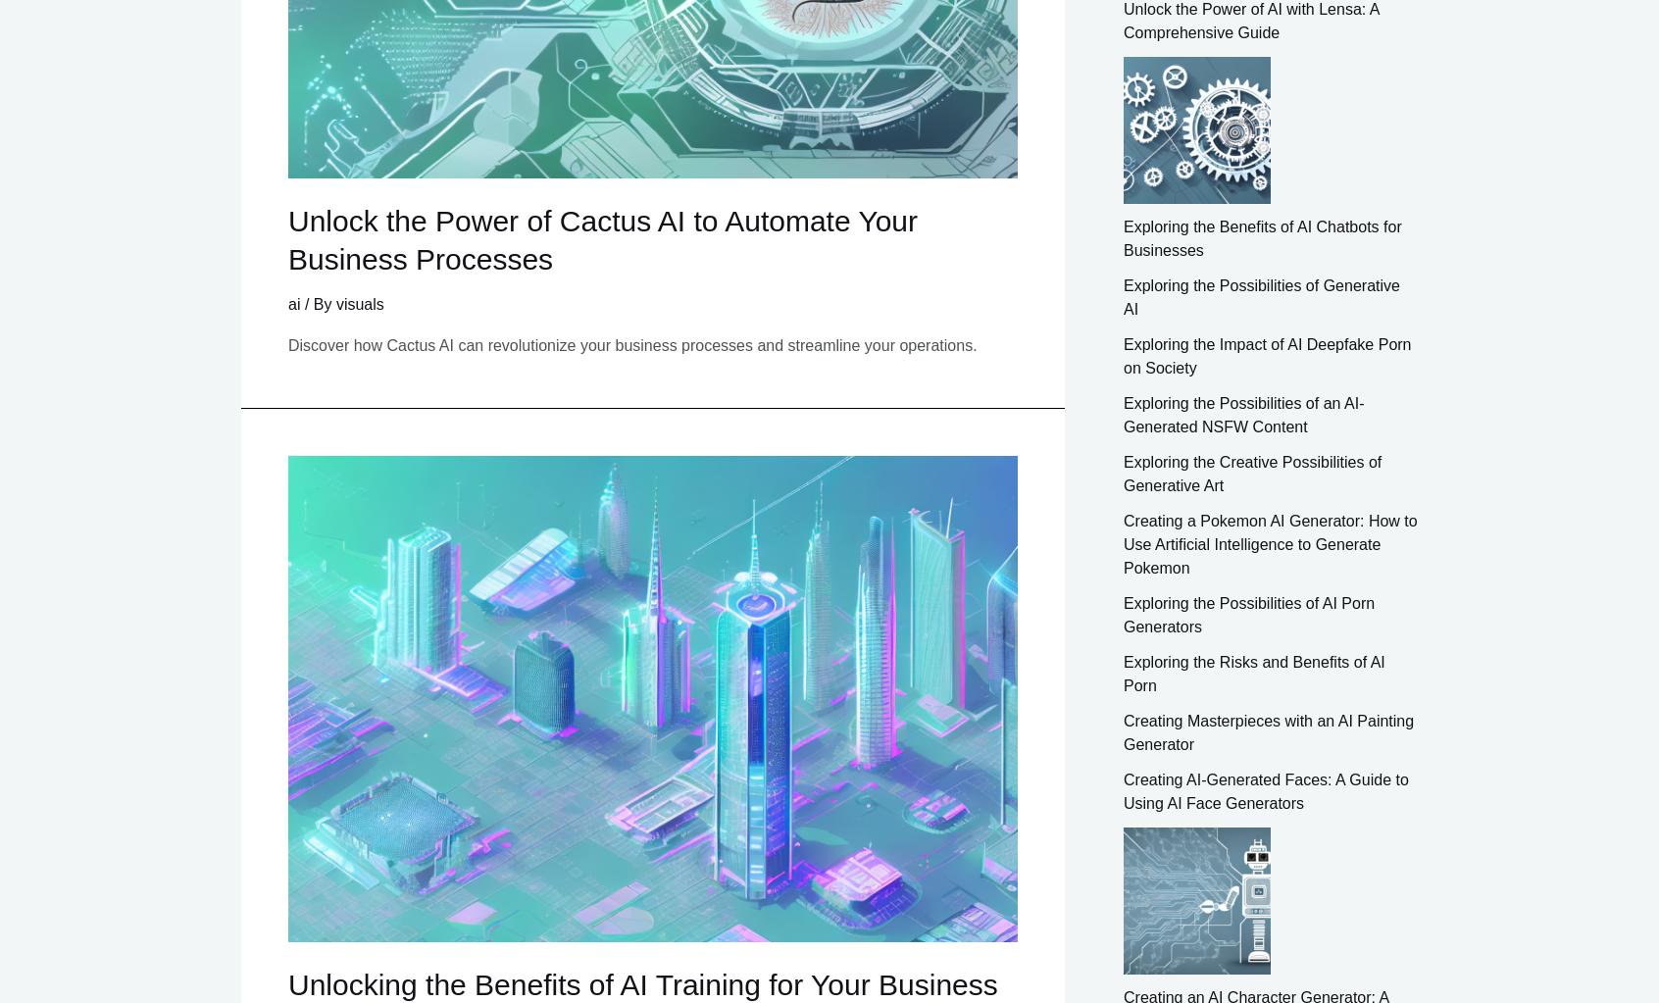 This screenshot has height=1003, width=1659. I want to click on 'Unlocking the Benefits of AI Training for Your Business', so click(642, 983).